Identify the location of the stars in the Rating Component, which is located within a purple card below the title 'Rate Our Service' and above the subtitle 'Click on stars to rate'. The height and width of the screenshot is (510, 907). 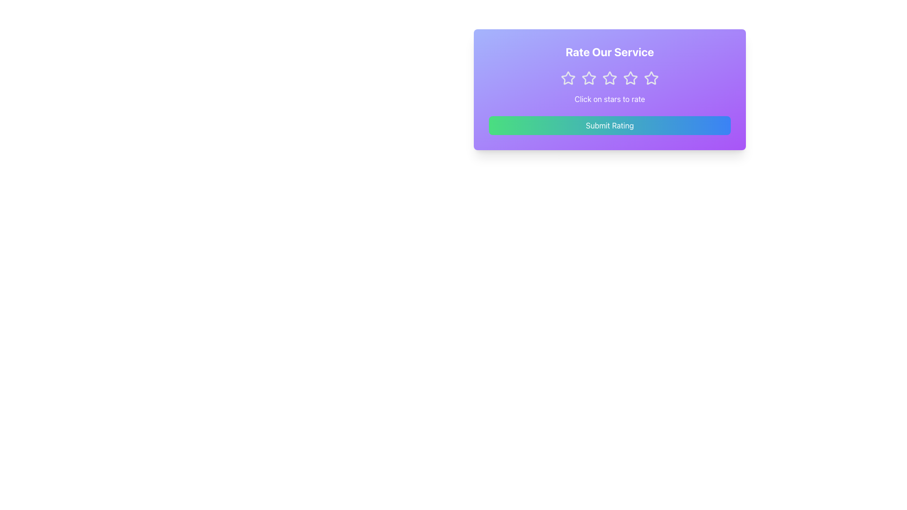
(610, 77).